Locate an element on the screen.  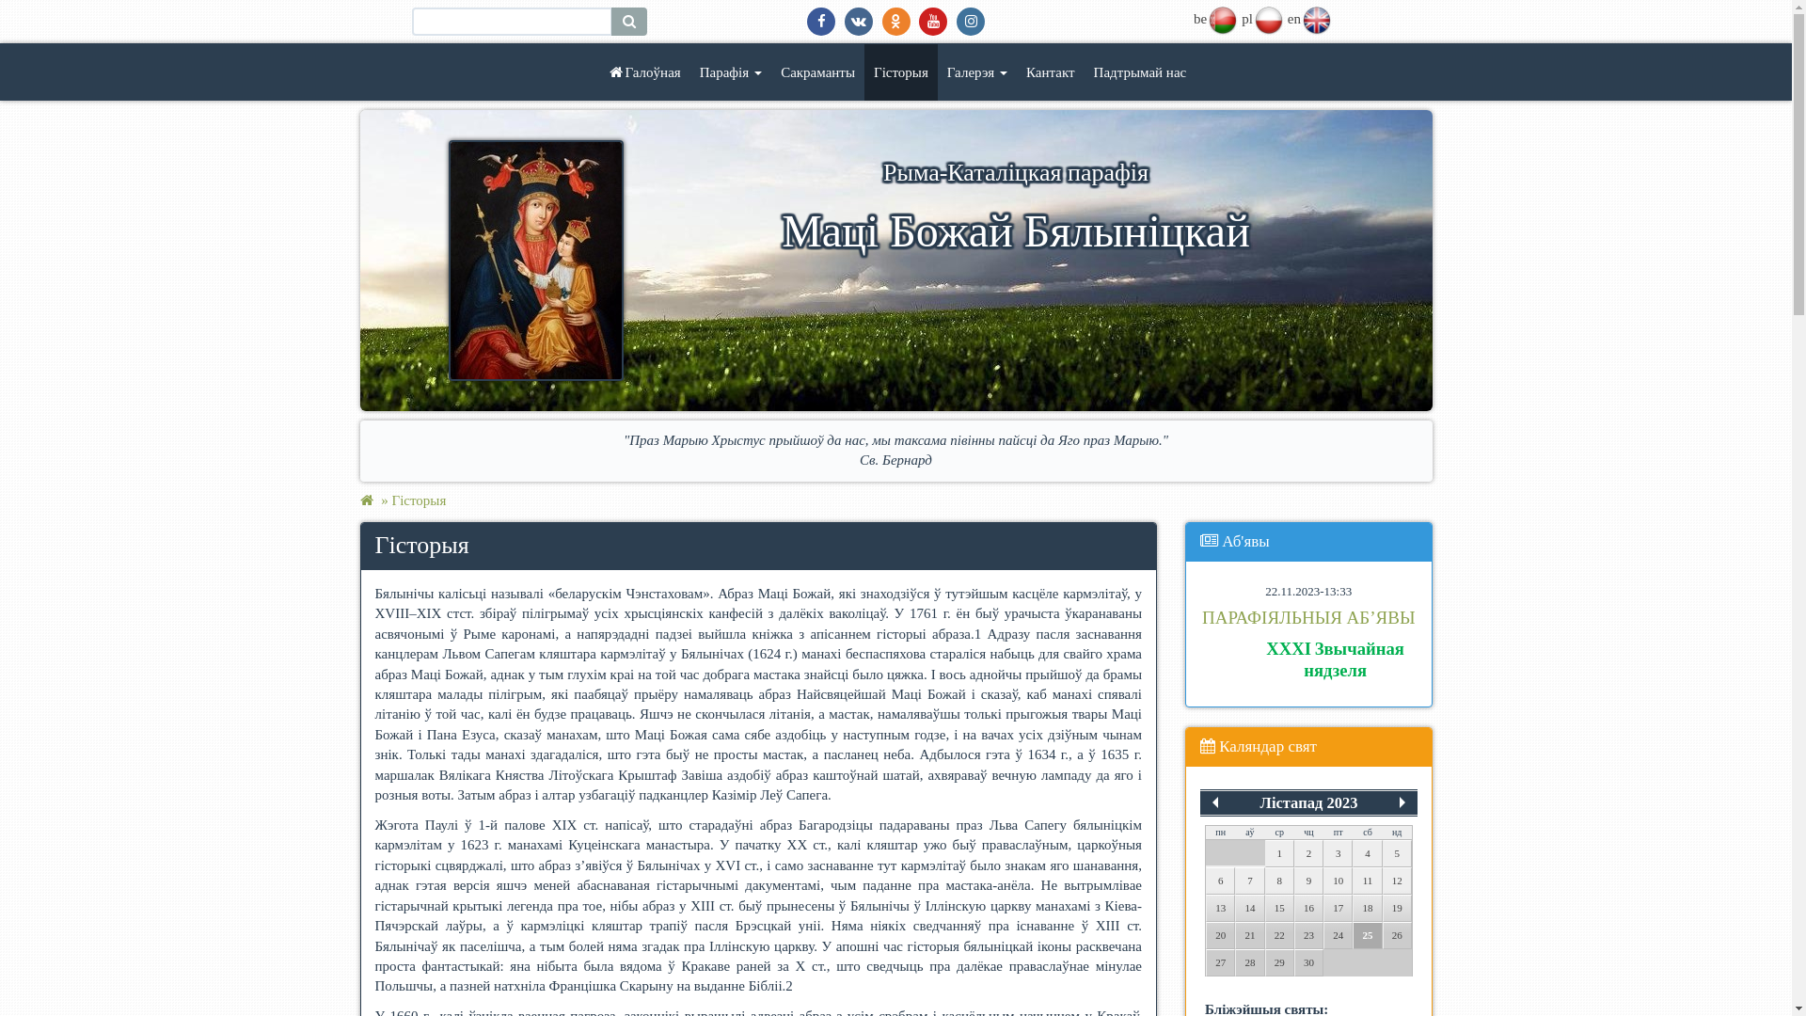
'be' is located at coordinates (1222, 18).